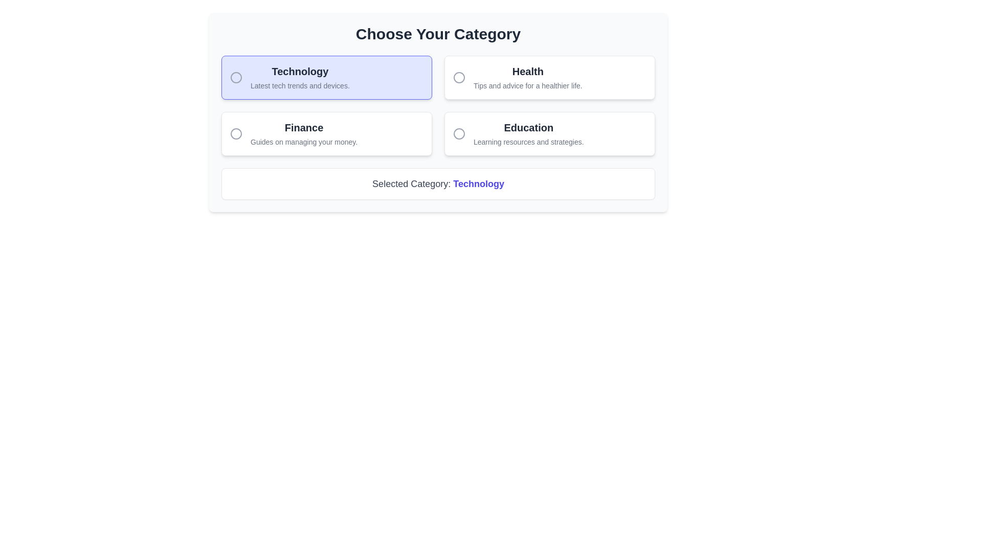  Describe the element at coordinates (235, 133) in the screenshot. I see `the circular icon with a grey outline located inside the 'Finance' category selection box, positioned near the title text 'Finance'` at that location.